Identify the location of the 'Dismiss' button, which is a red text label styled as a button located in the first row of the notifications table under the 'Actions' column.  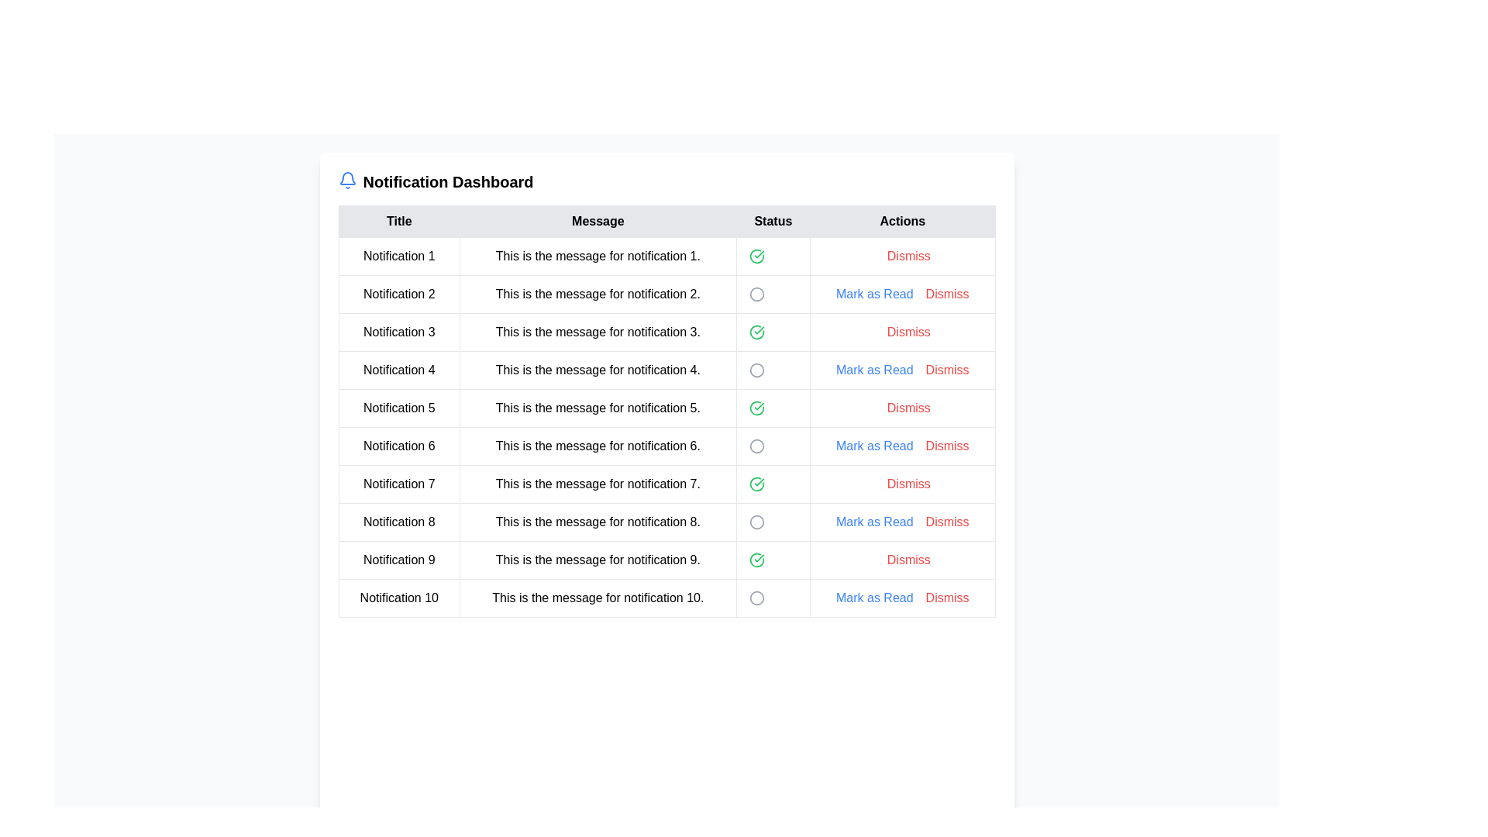
(908, 256).